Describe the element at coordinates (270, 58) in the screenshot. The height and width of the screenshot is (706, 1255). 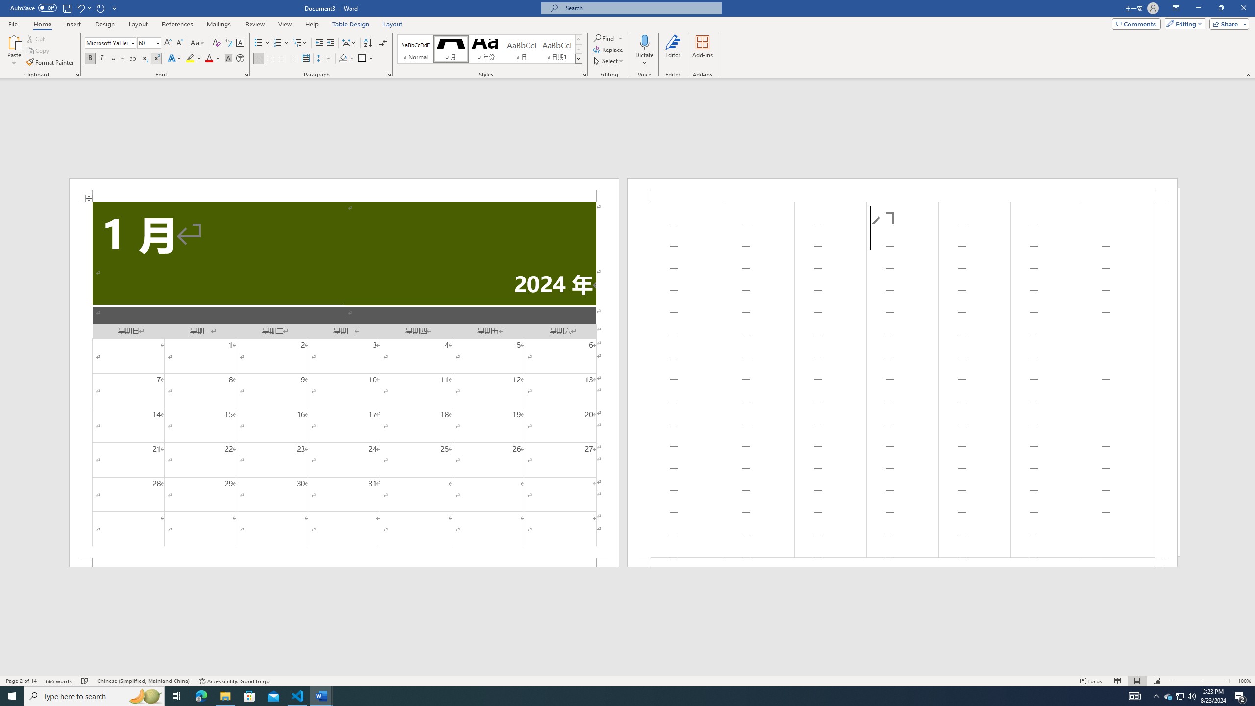
I see `'Center'` at that location.